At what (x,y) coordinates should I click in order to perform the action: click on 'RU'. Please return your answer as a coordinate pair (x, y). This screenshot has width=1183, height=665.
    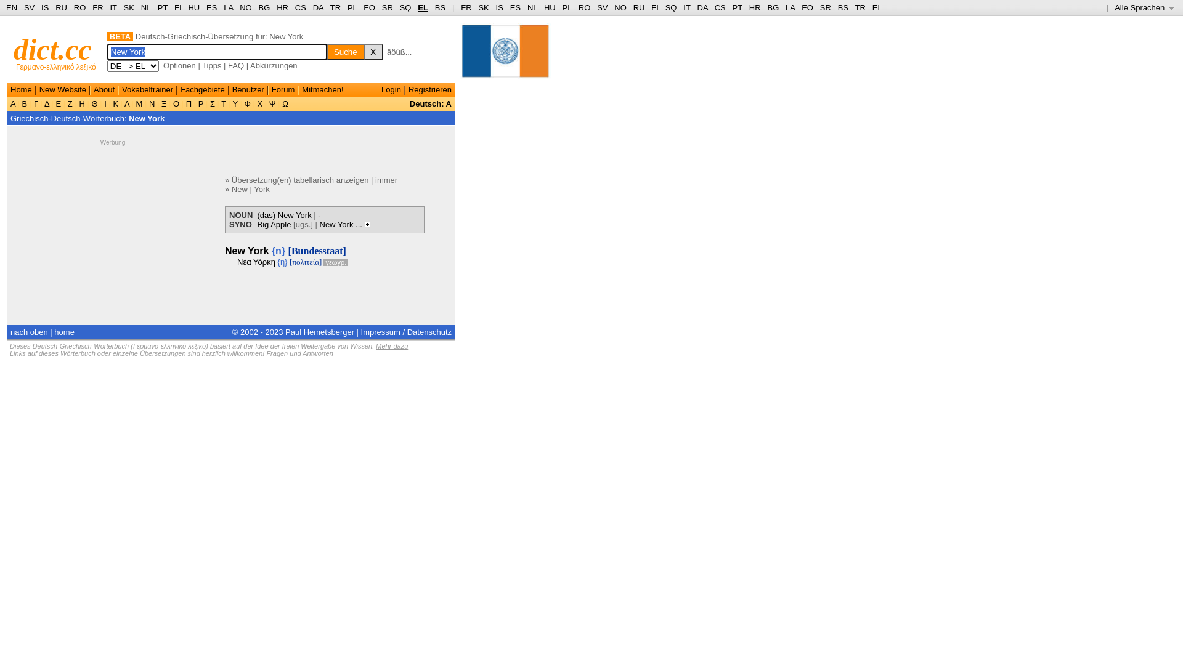
    Looking at the image, I should click on (60, 7).